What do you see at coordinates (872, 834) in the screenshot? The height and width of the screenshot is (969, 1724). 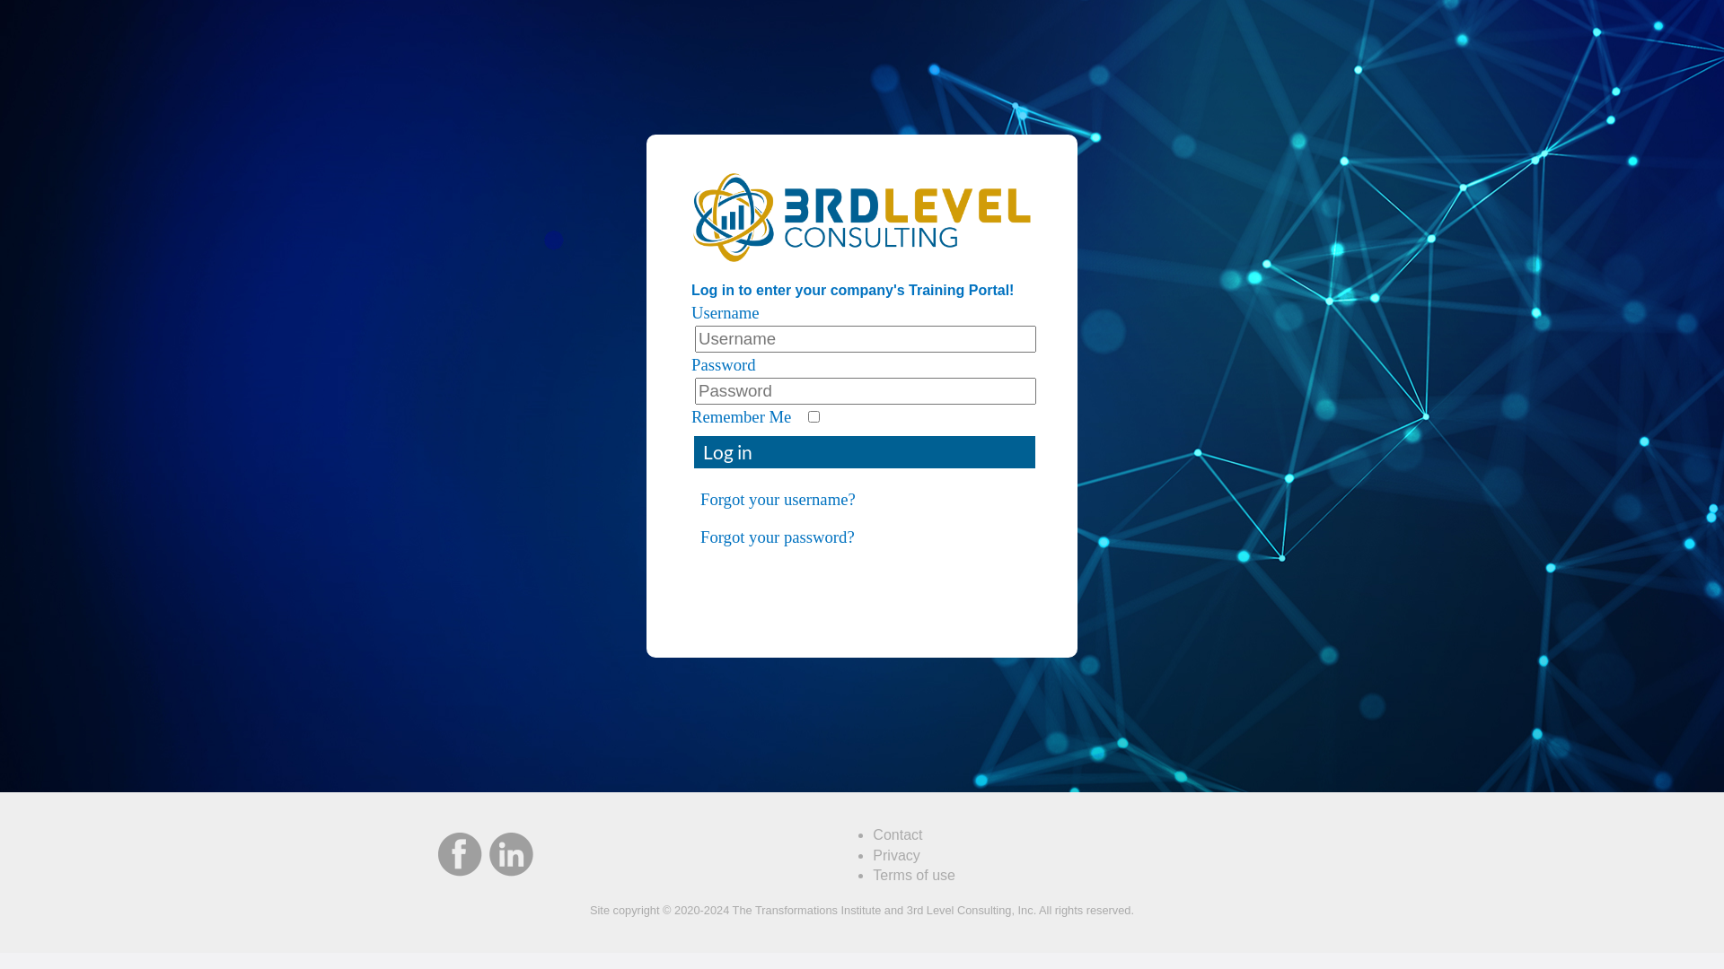 I see `'Contact'` at bounding box center [872, 834].